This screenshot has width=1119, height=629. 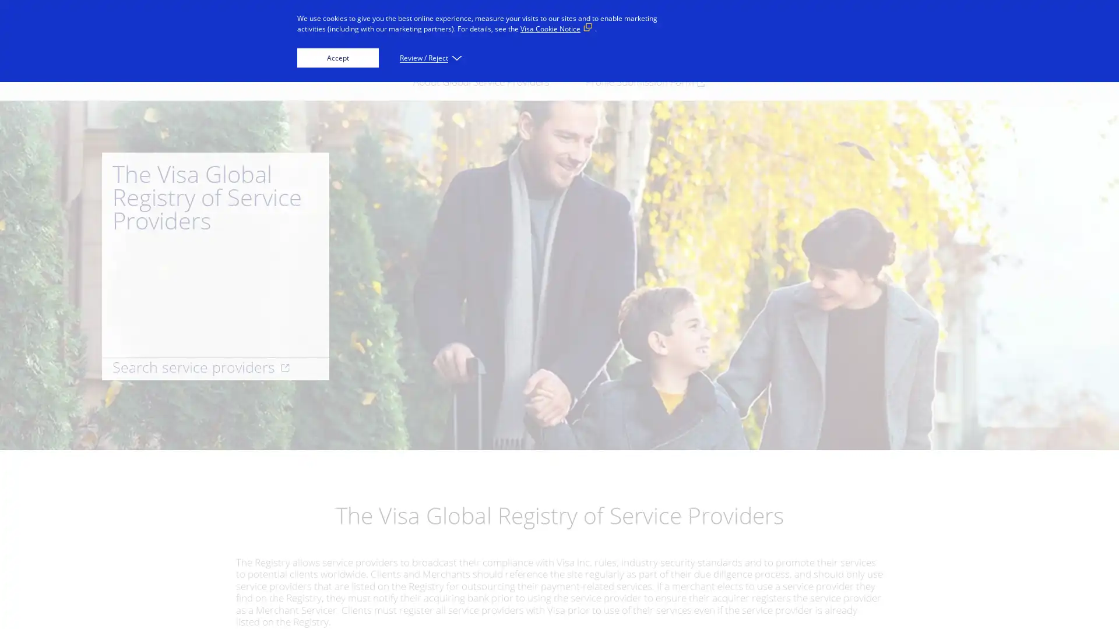 I want to click on Everyone, so click(x=713, y=31).